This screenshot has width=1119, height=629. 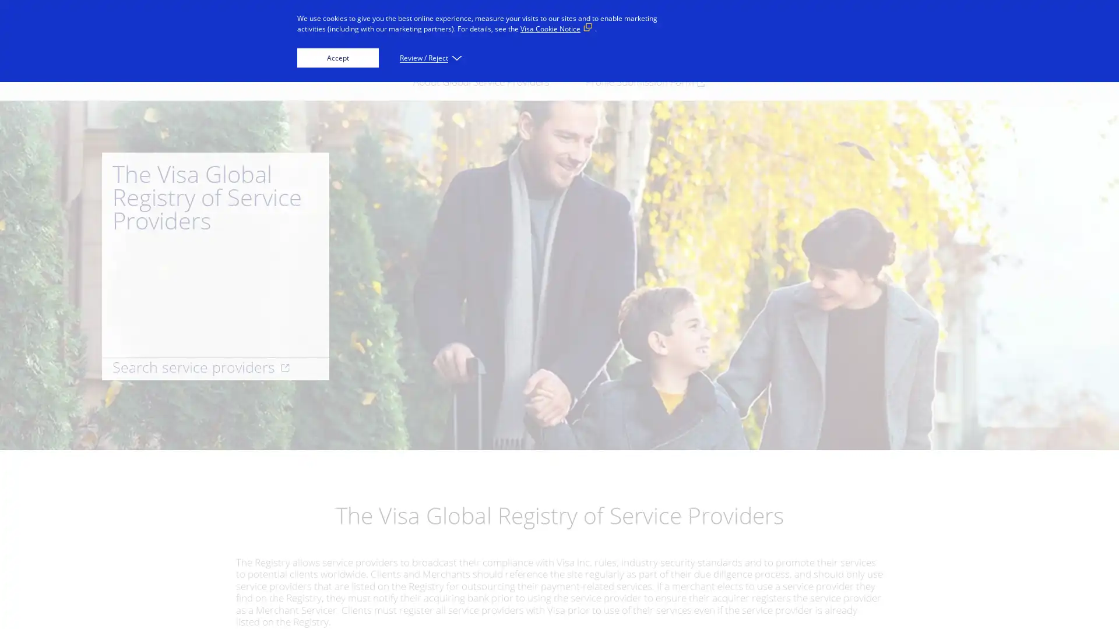 I want to click on Everyone, so click(x=713, y=31).